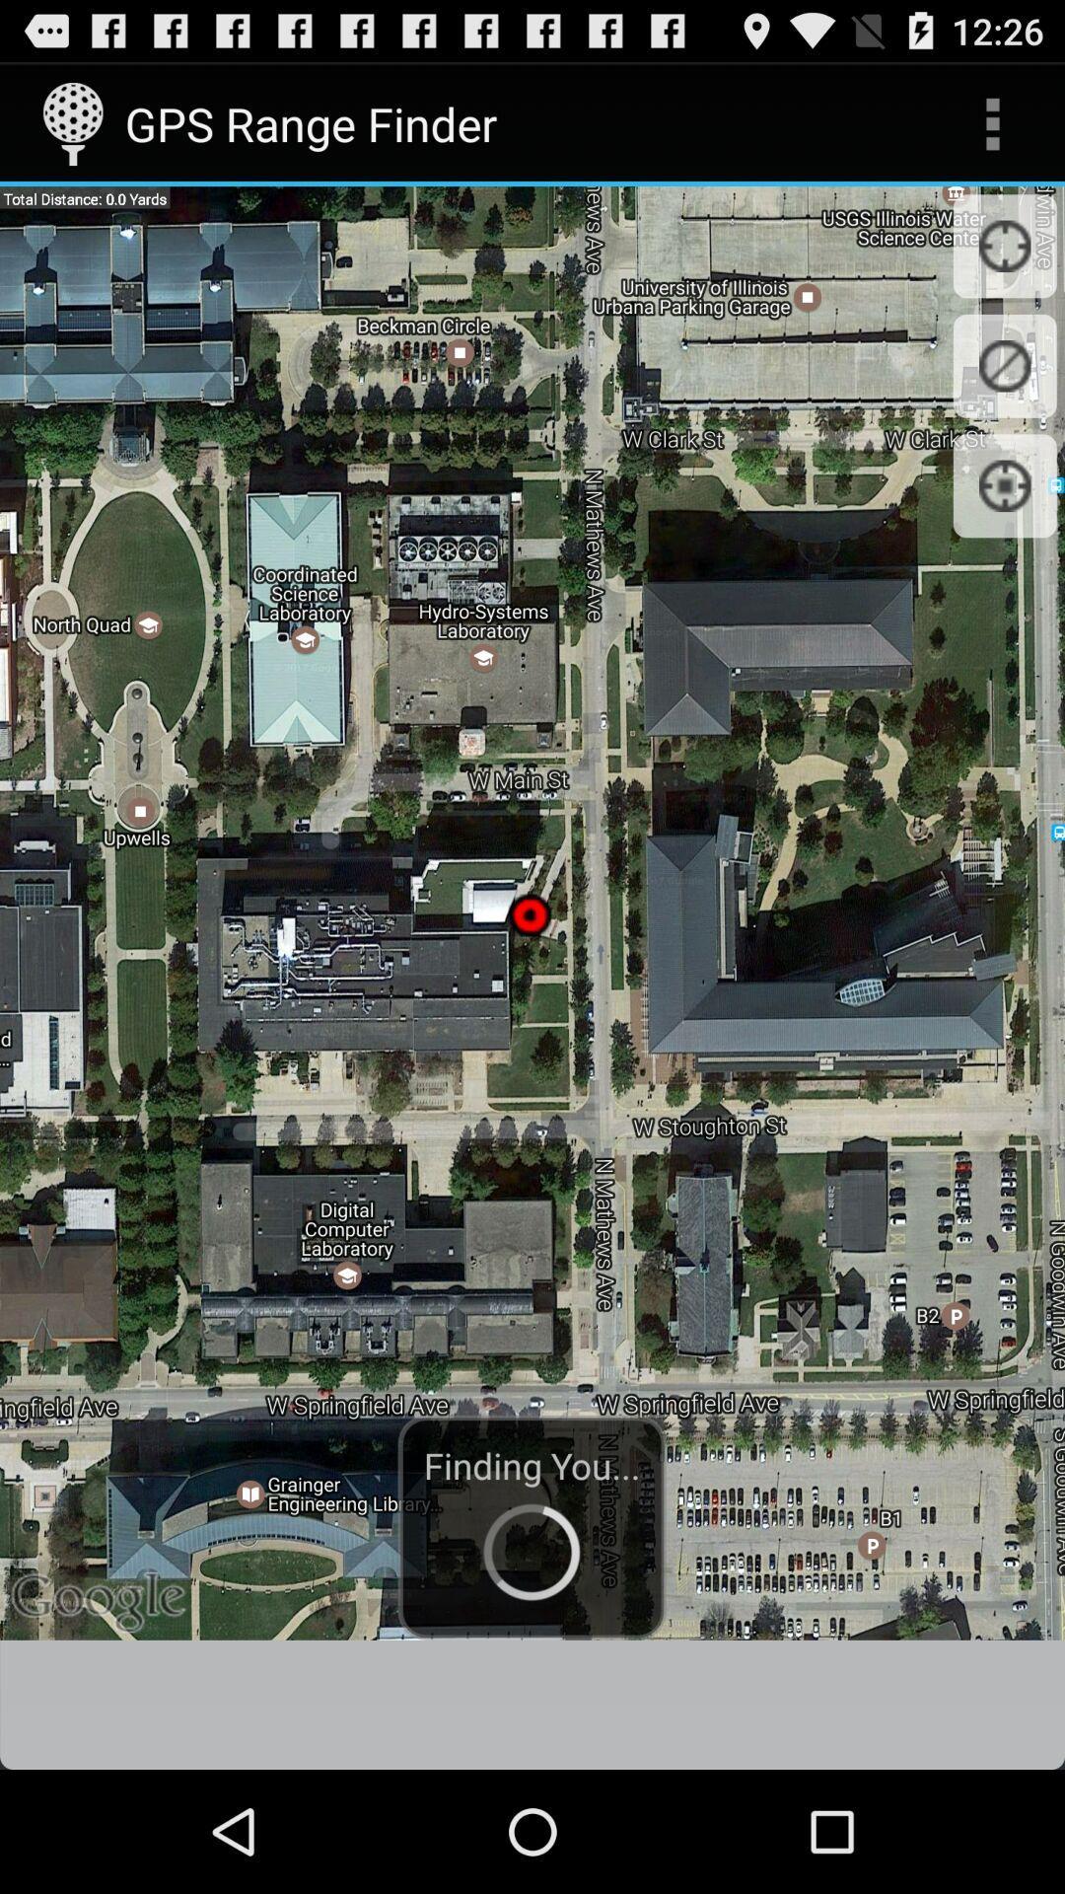 This screenshot has width=1065, height=1894. What do you see at coordinates (1005, 392) in the screenshot?
I see `the explore icon` at bounding box center [1005, 392].